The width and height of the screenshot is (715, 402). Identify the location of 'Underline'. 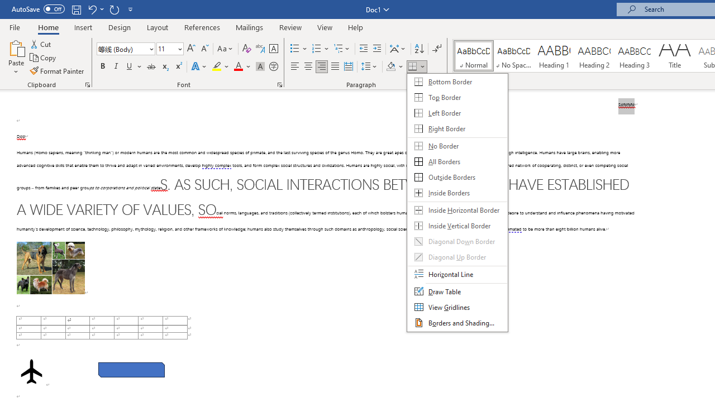
(134, 66).